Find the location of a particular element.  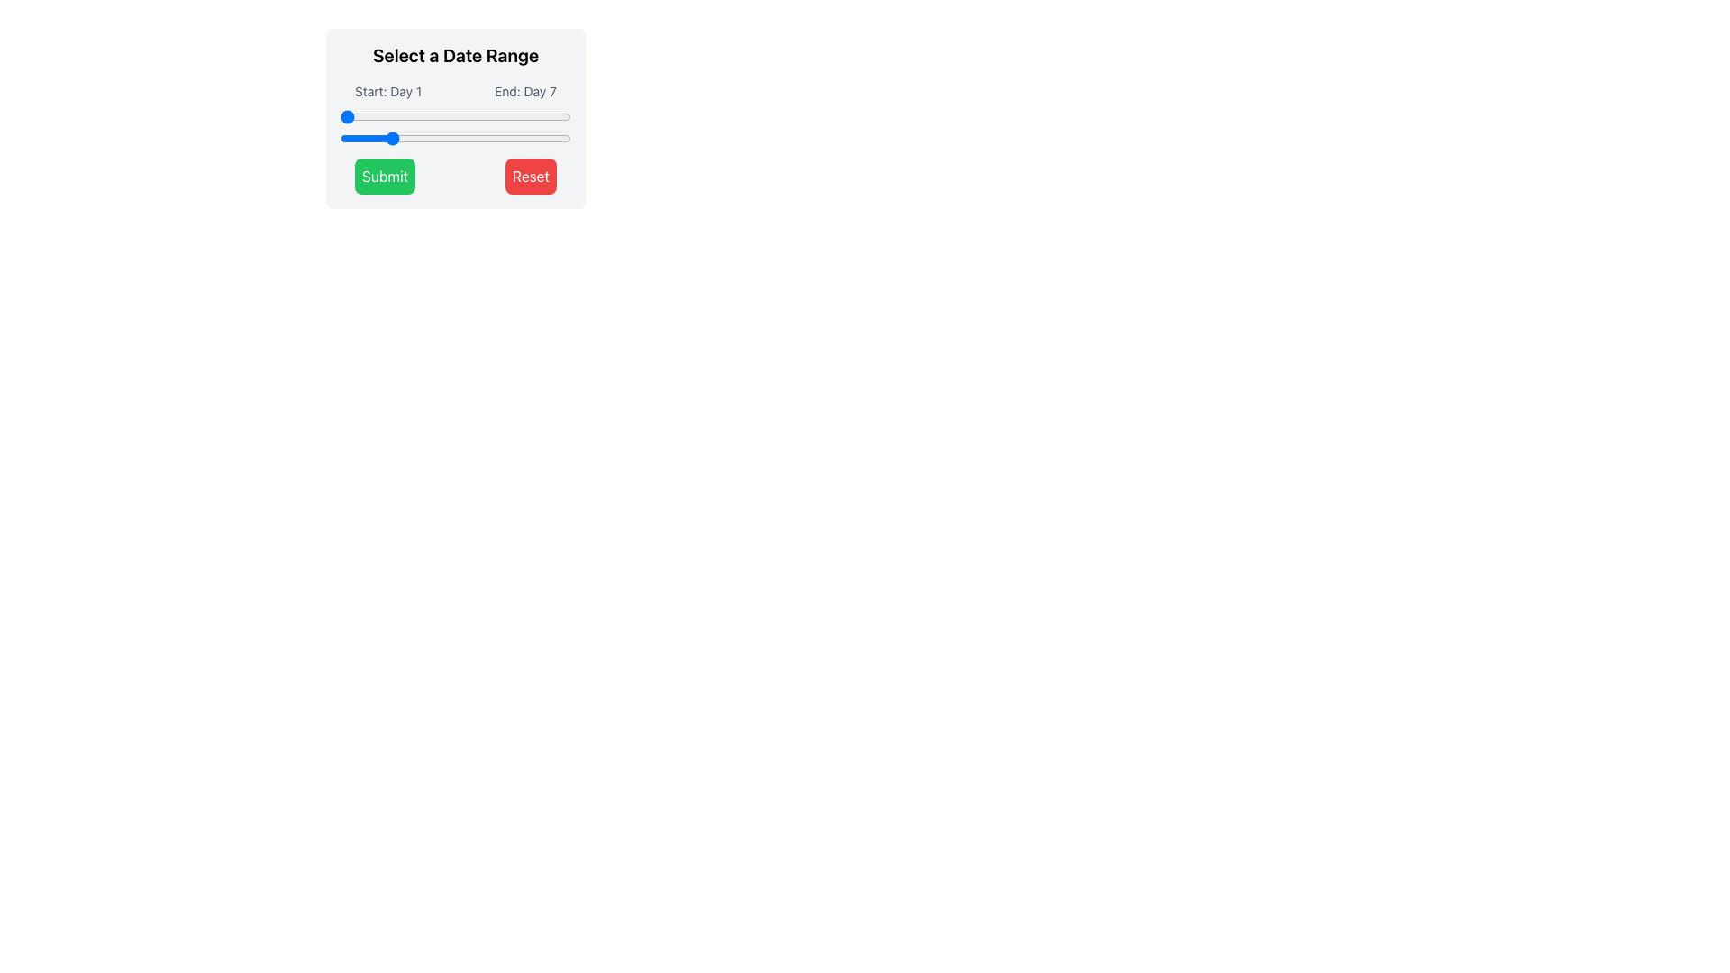

the 'Reset' button which has a red background and white text, positioned to the right of the 'Submit' button in the lower part of the 'Select a Date Range' area is located at coordinates (530, 177).